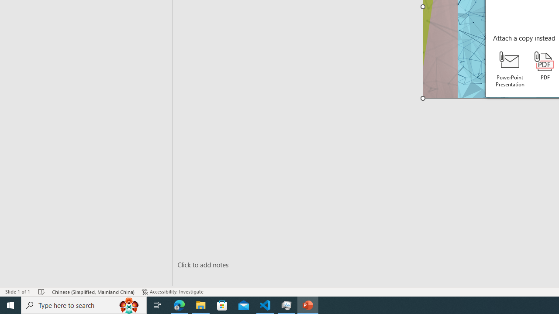 The image size is (559, 314). What do you see at coordinates (157, 304) in the screenshot?
I see `'Task View'` at bounding box center [157, 304].